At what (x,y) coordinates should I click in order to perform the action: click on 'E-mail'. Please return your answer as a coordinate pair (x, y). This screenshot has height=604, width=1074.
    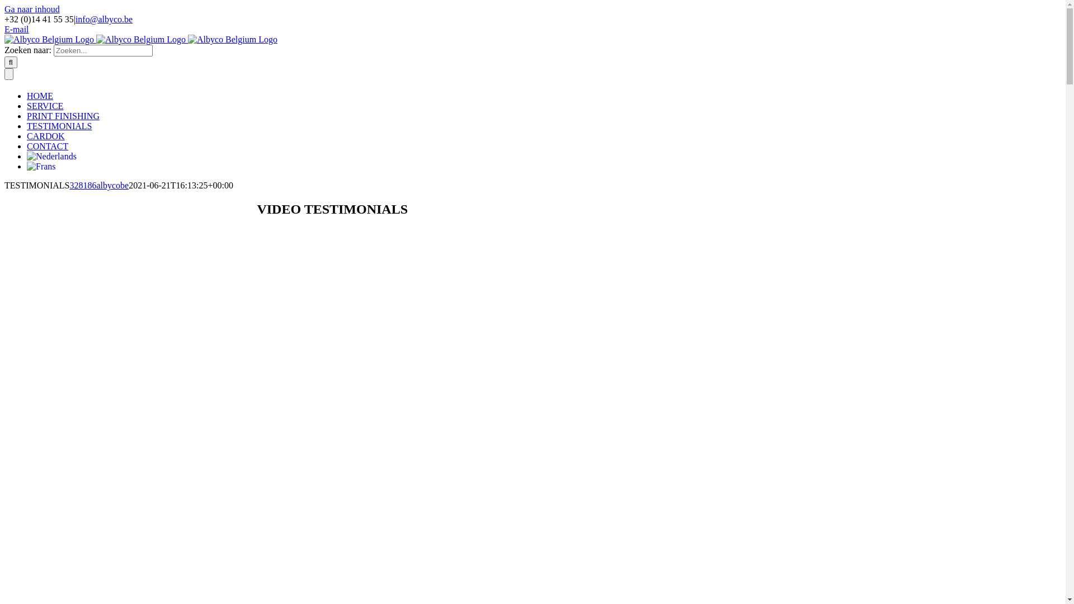
    Looking at the image, I should click on (4, 29).